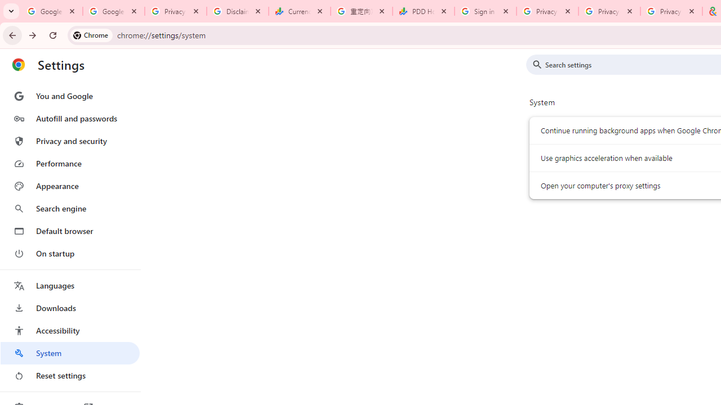 The width and height of the screenshot is (721, 405). Describe the element at coordinates (69, 254) in the screenshot. I see `'On startup'` at that location.